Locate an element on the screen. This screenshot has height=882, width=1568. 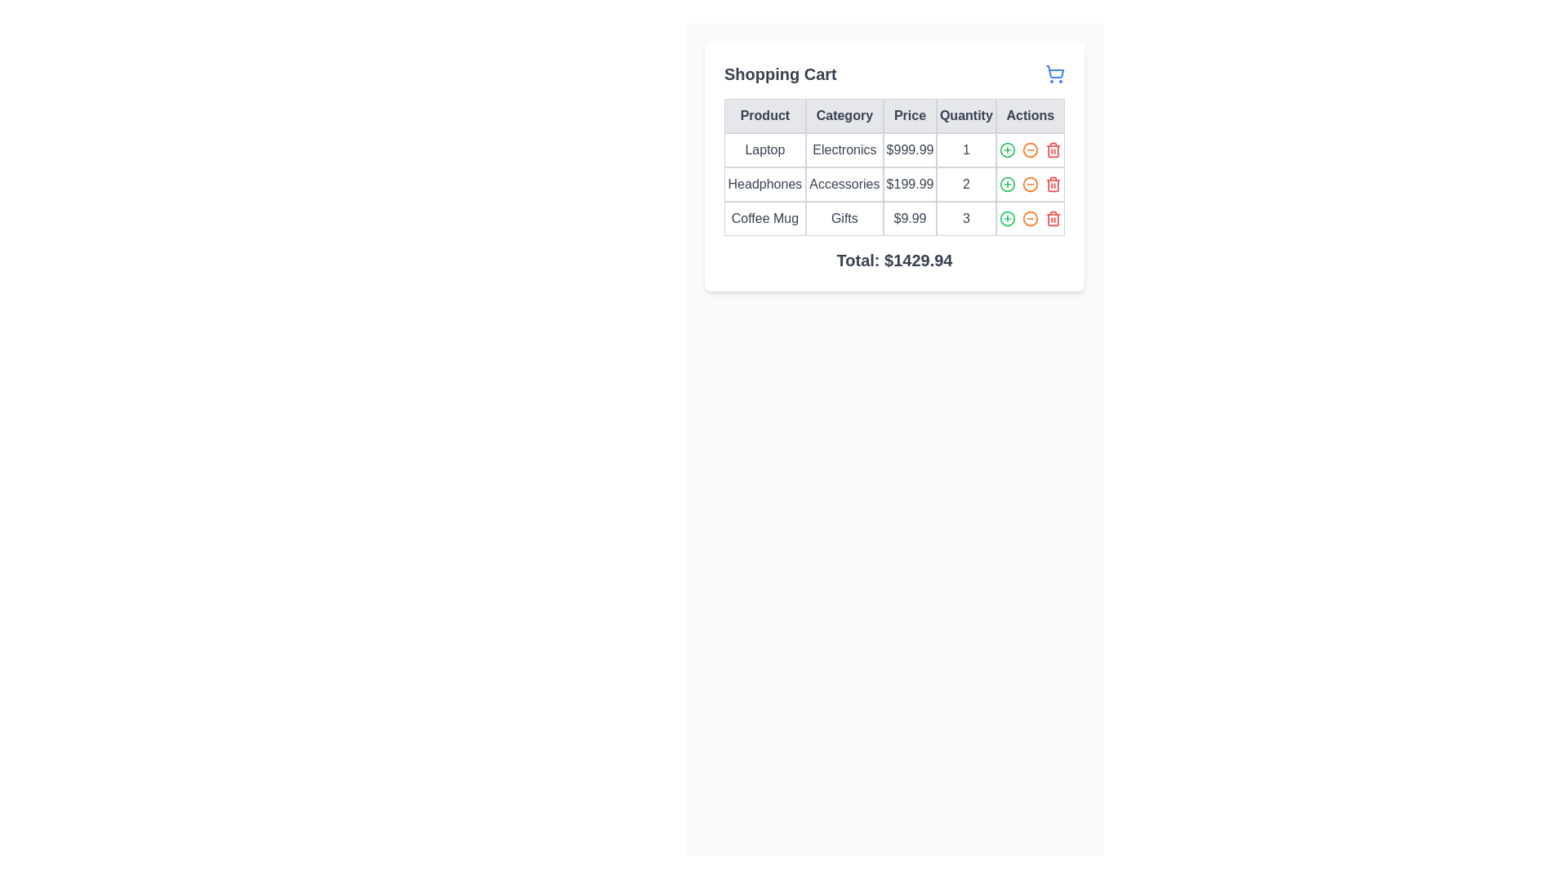
the 'Category' text label displaying the 'Coffee Mug' item in the shopping cart table is located at coordinates (844, 217).